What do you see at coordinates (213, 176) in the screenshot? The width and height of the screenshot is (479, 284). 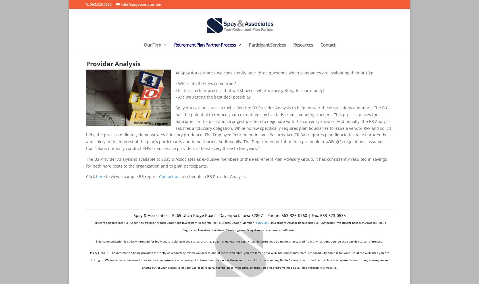 I see `'to schedule a B3 Provider Analysis.'` at bounding box center [213, 176].